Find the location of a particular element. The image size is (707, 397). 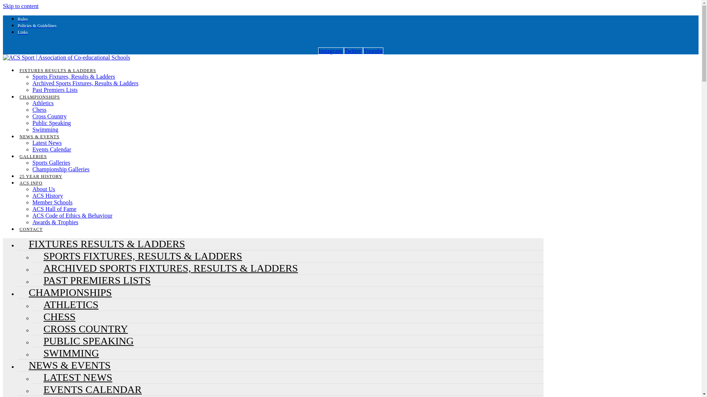

'Swimming' is located at coordinates (32, 129).